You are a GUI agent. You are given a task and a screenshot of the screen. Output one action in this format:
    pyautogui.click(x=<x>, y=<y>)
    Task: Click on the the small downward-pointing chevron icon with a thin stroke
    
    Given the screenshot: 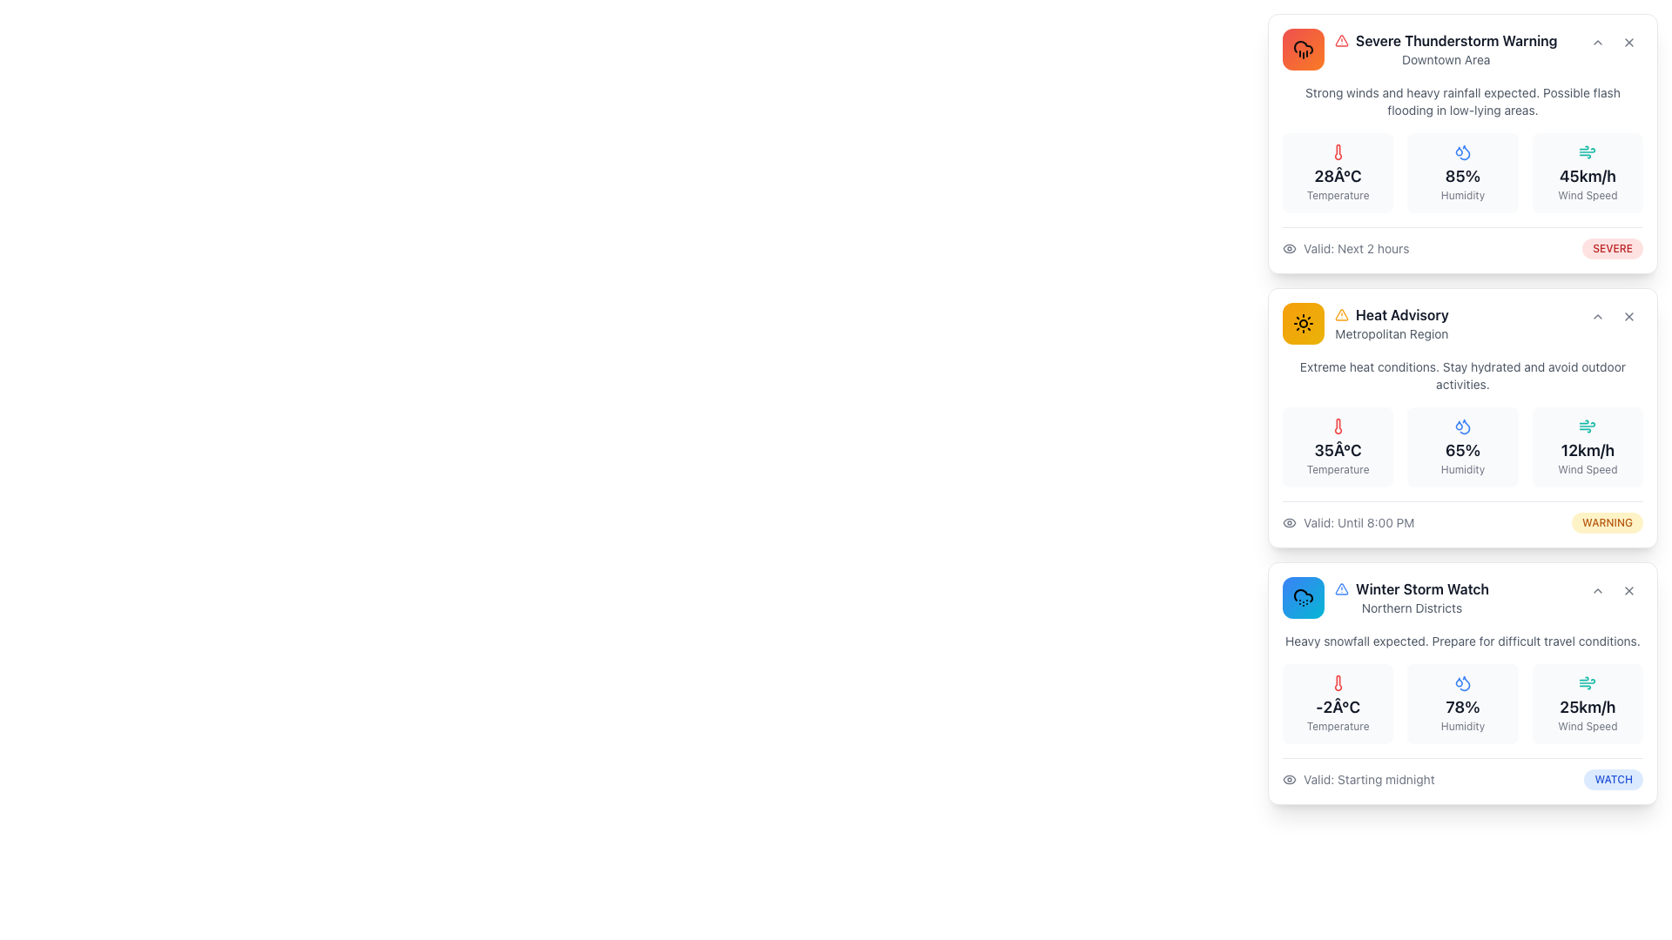 What is the action you would take?
    pyautogui.click(x=1597, y=316)
    